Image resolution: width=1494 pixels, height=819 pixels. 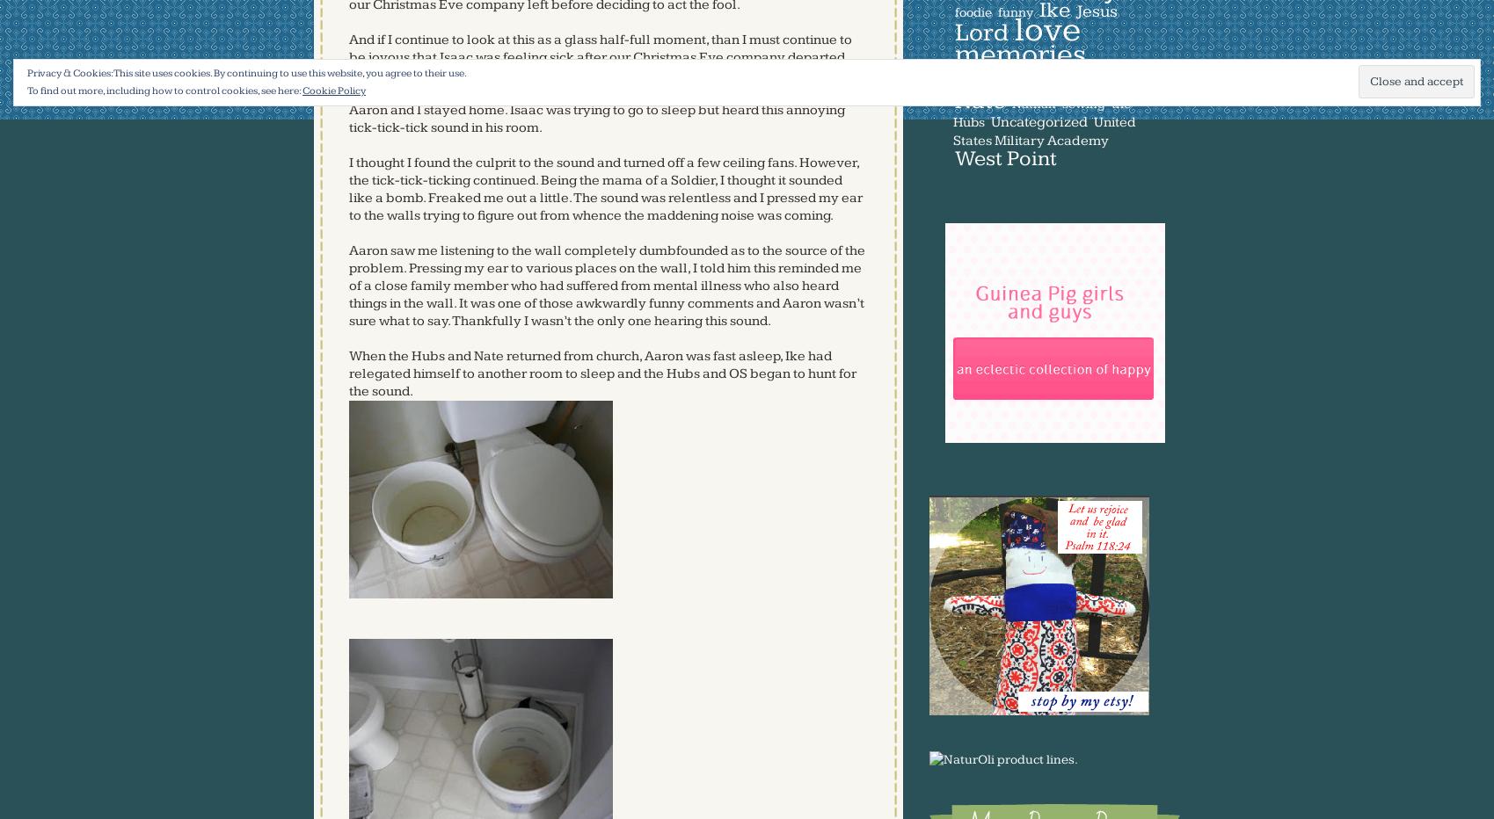 I want to click on 'I thought I found the culprit to the sound and turned off a few ceiling fans. However, the tick-tick-ticking continued. Being the mama of a Soldier, I thought it sounded like a bomb. Freaked me out a little. The sound was relentless and I pressed my ear to the walls trying to figure out from whence the maddening noise was coming.', so click(x=604, y=189).